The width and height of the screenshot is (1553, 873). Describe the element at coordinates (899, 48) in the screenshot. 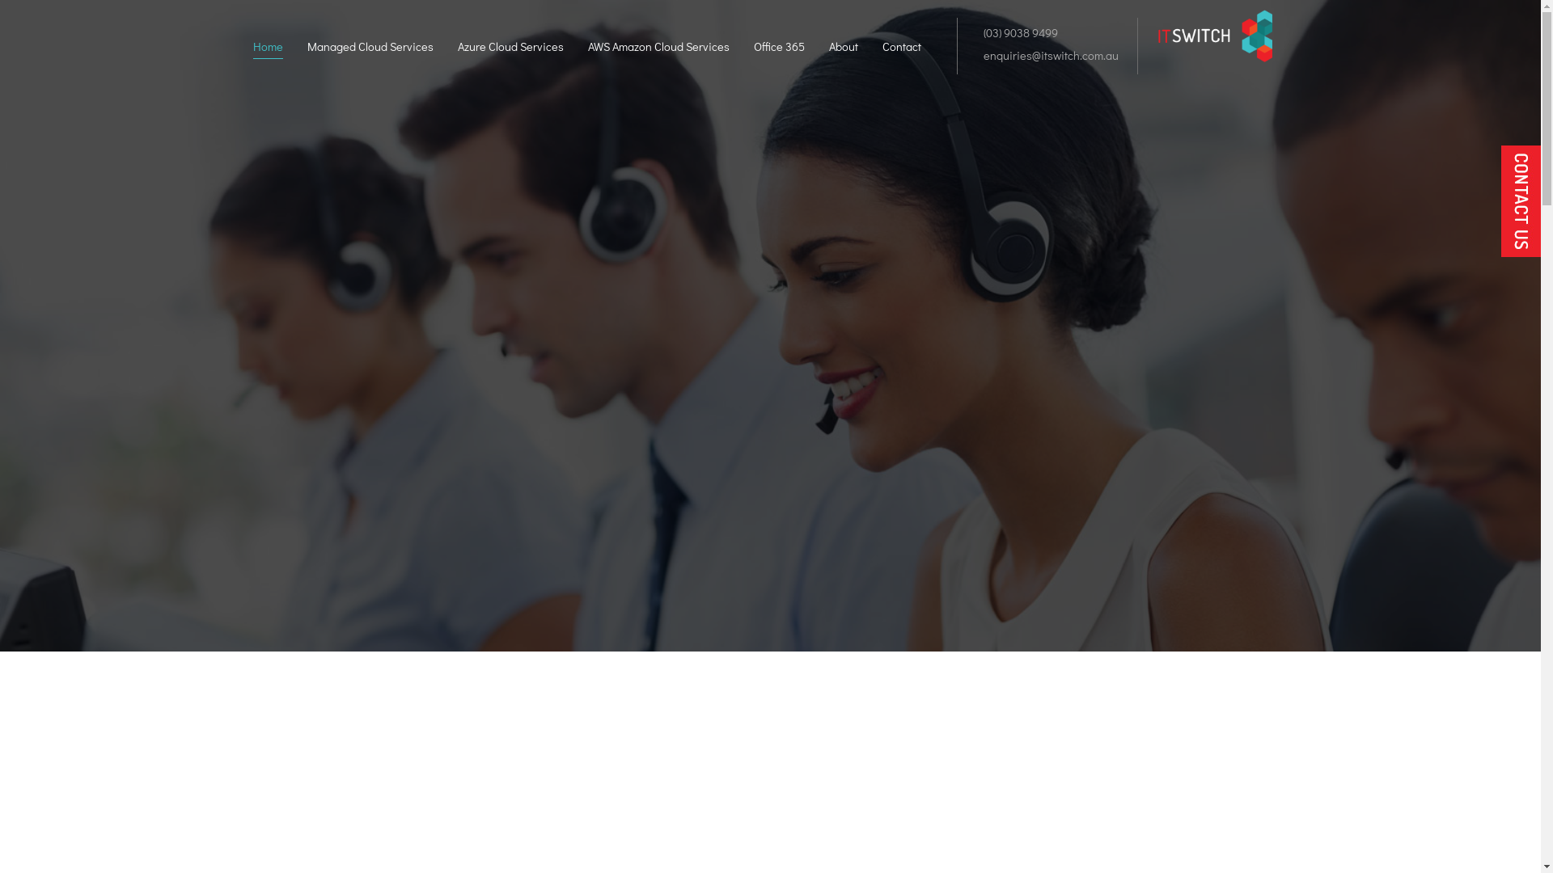

I see `'Contact'` at that location.